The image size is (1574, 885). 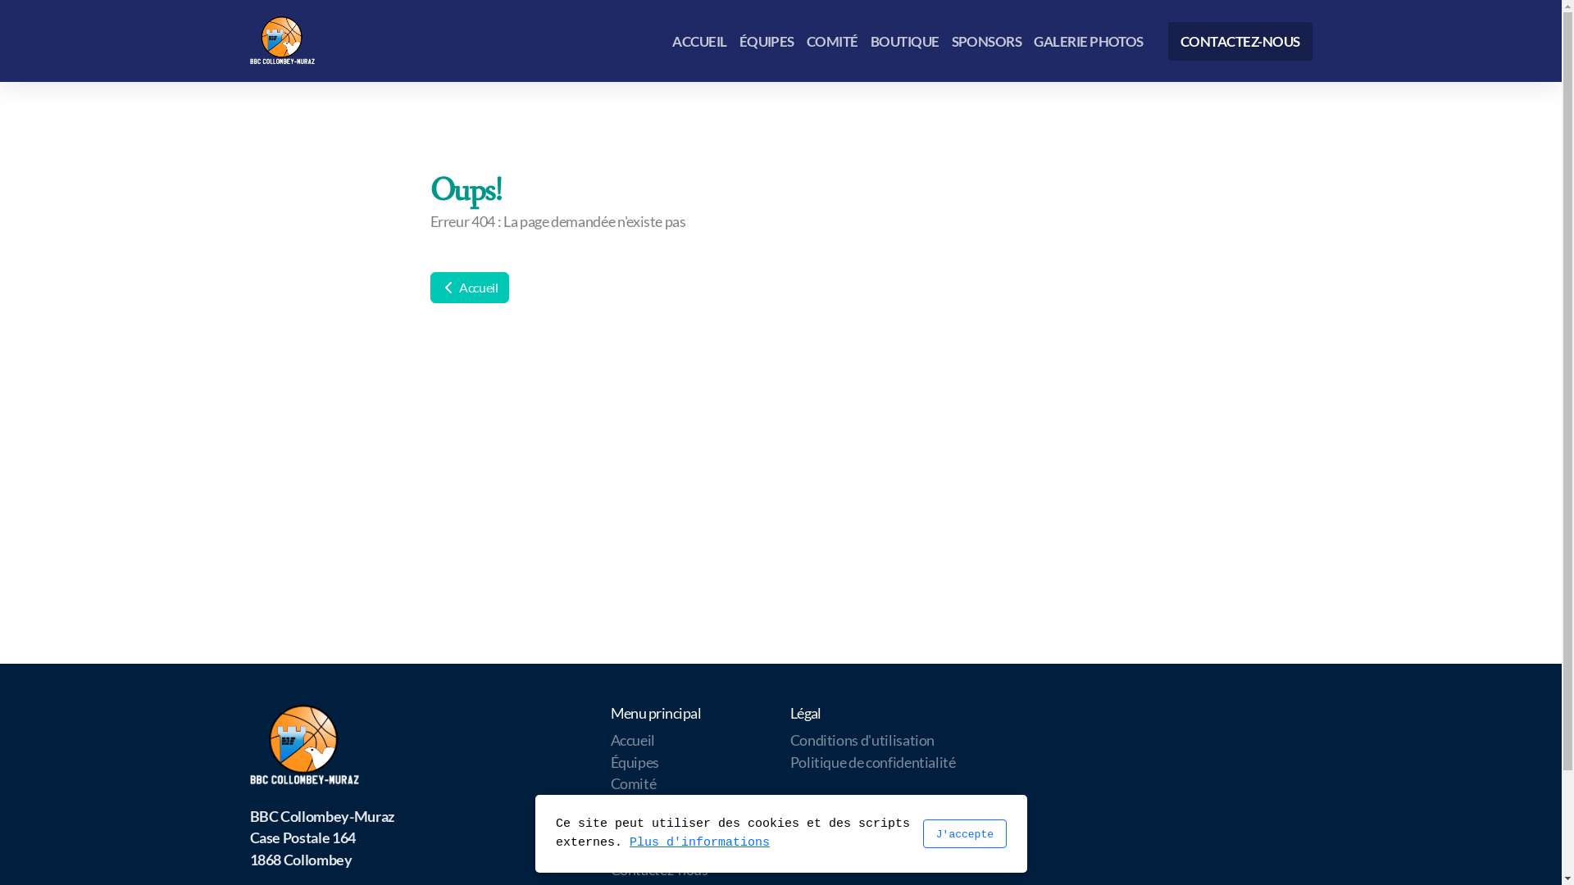 What do you see at coordinates (653, 848) in the screenshot?
I see `'Galerie photos'` at bounding box center [653, 848].